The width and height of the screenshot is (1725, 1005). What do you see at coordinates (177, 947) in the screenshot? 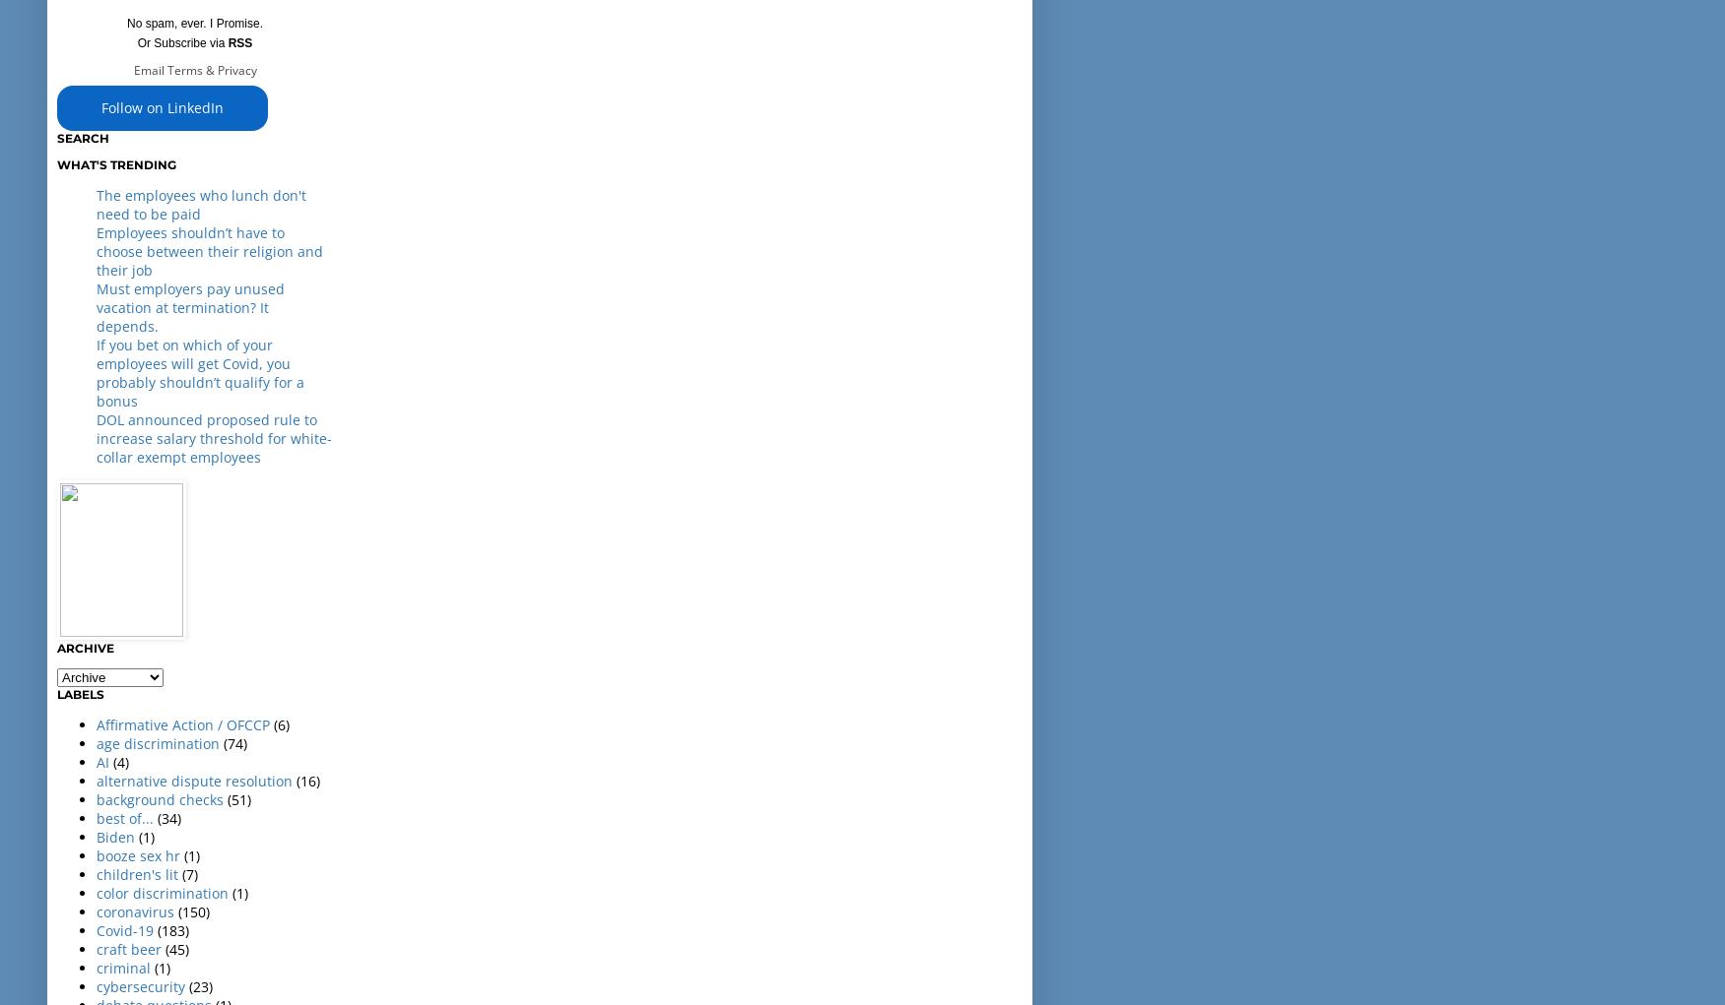
I see `'(45)'` at bounding box center [177, 947].